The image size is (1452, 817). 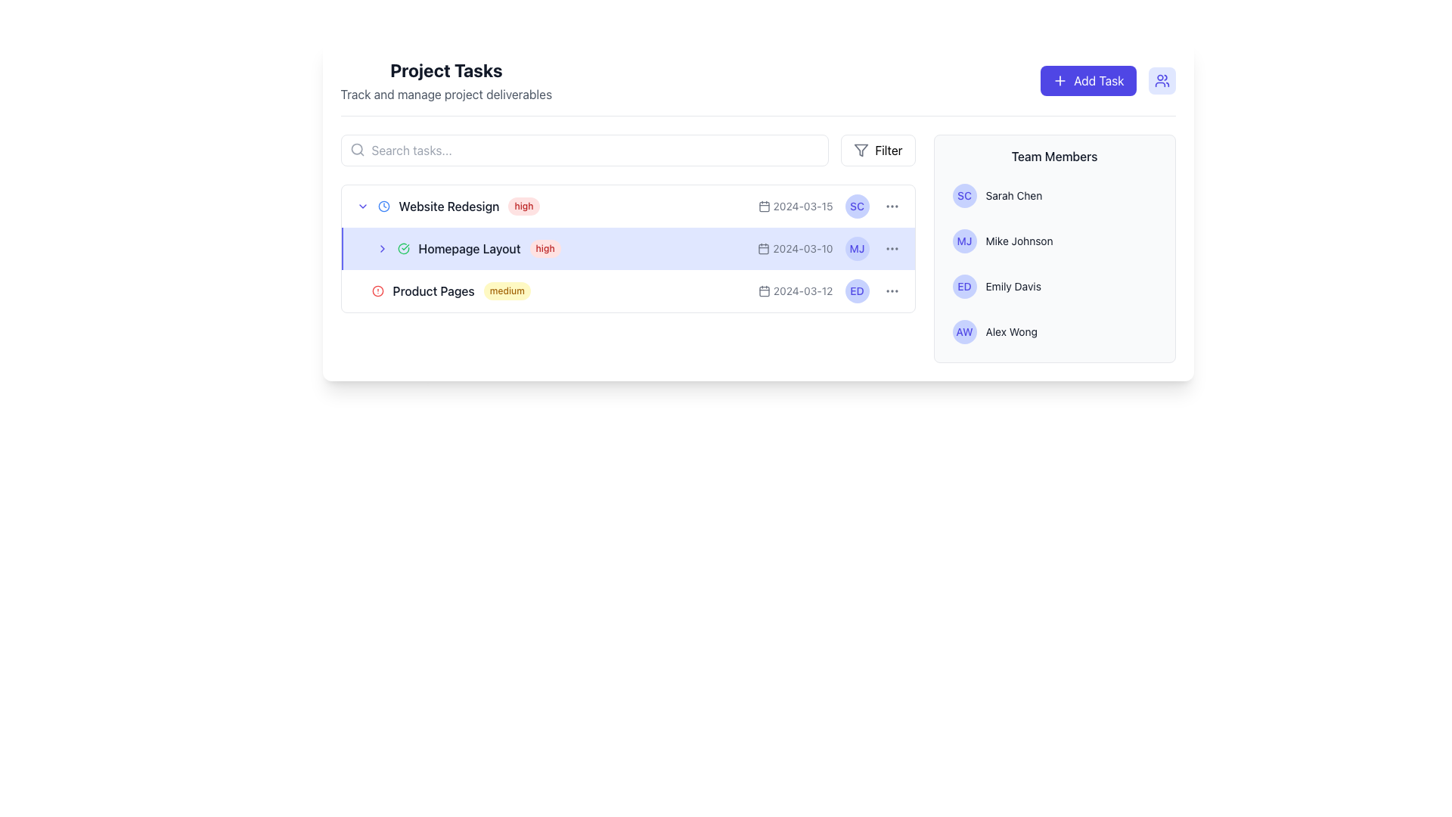 I want to click on the name 'Sarah Chen' in the first list item of the 'Team Members' section, so click(x=1053, y=194).